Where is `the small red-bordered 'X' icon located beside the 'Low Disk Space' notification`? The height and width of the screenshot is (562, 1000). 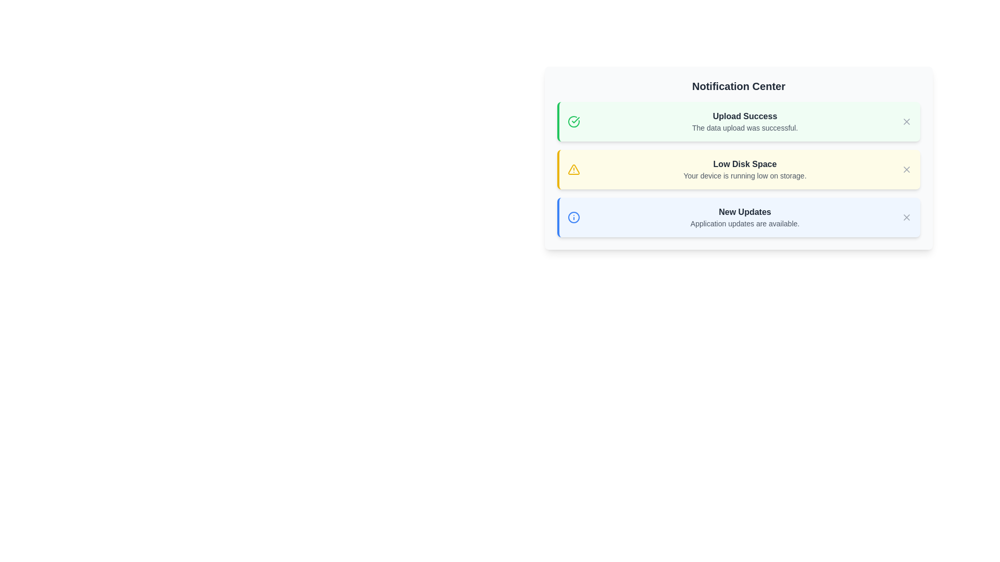
the small red-bordered 'X' icon located beside the 'Low Disk Space' notification is located at coordinates (906, 169).